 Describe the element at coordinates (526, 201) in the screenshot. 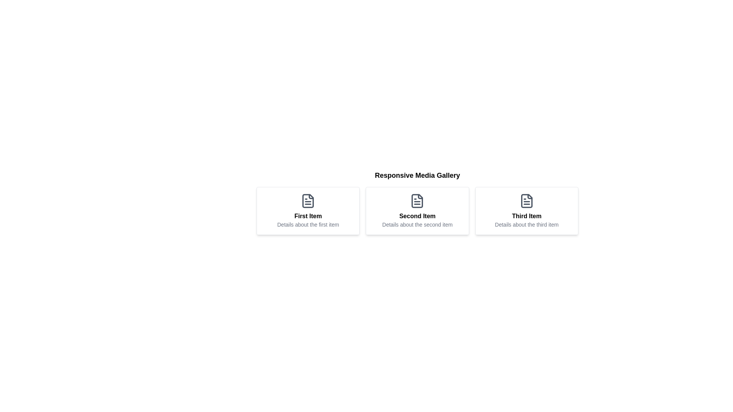

I see `the document icon representing the 'Third Item' card, which is located at the top center of the card and serves as an identifier for the card's context` at that location.